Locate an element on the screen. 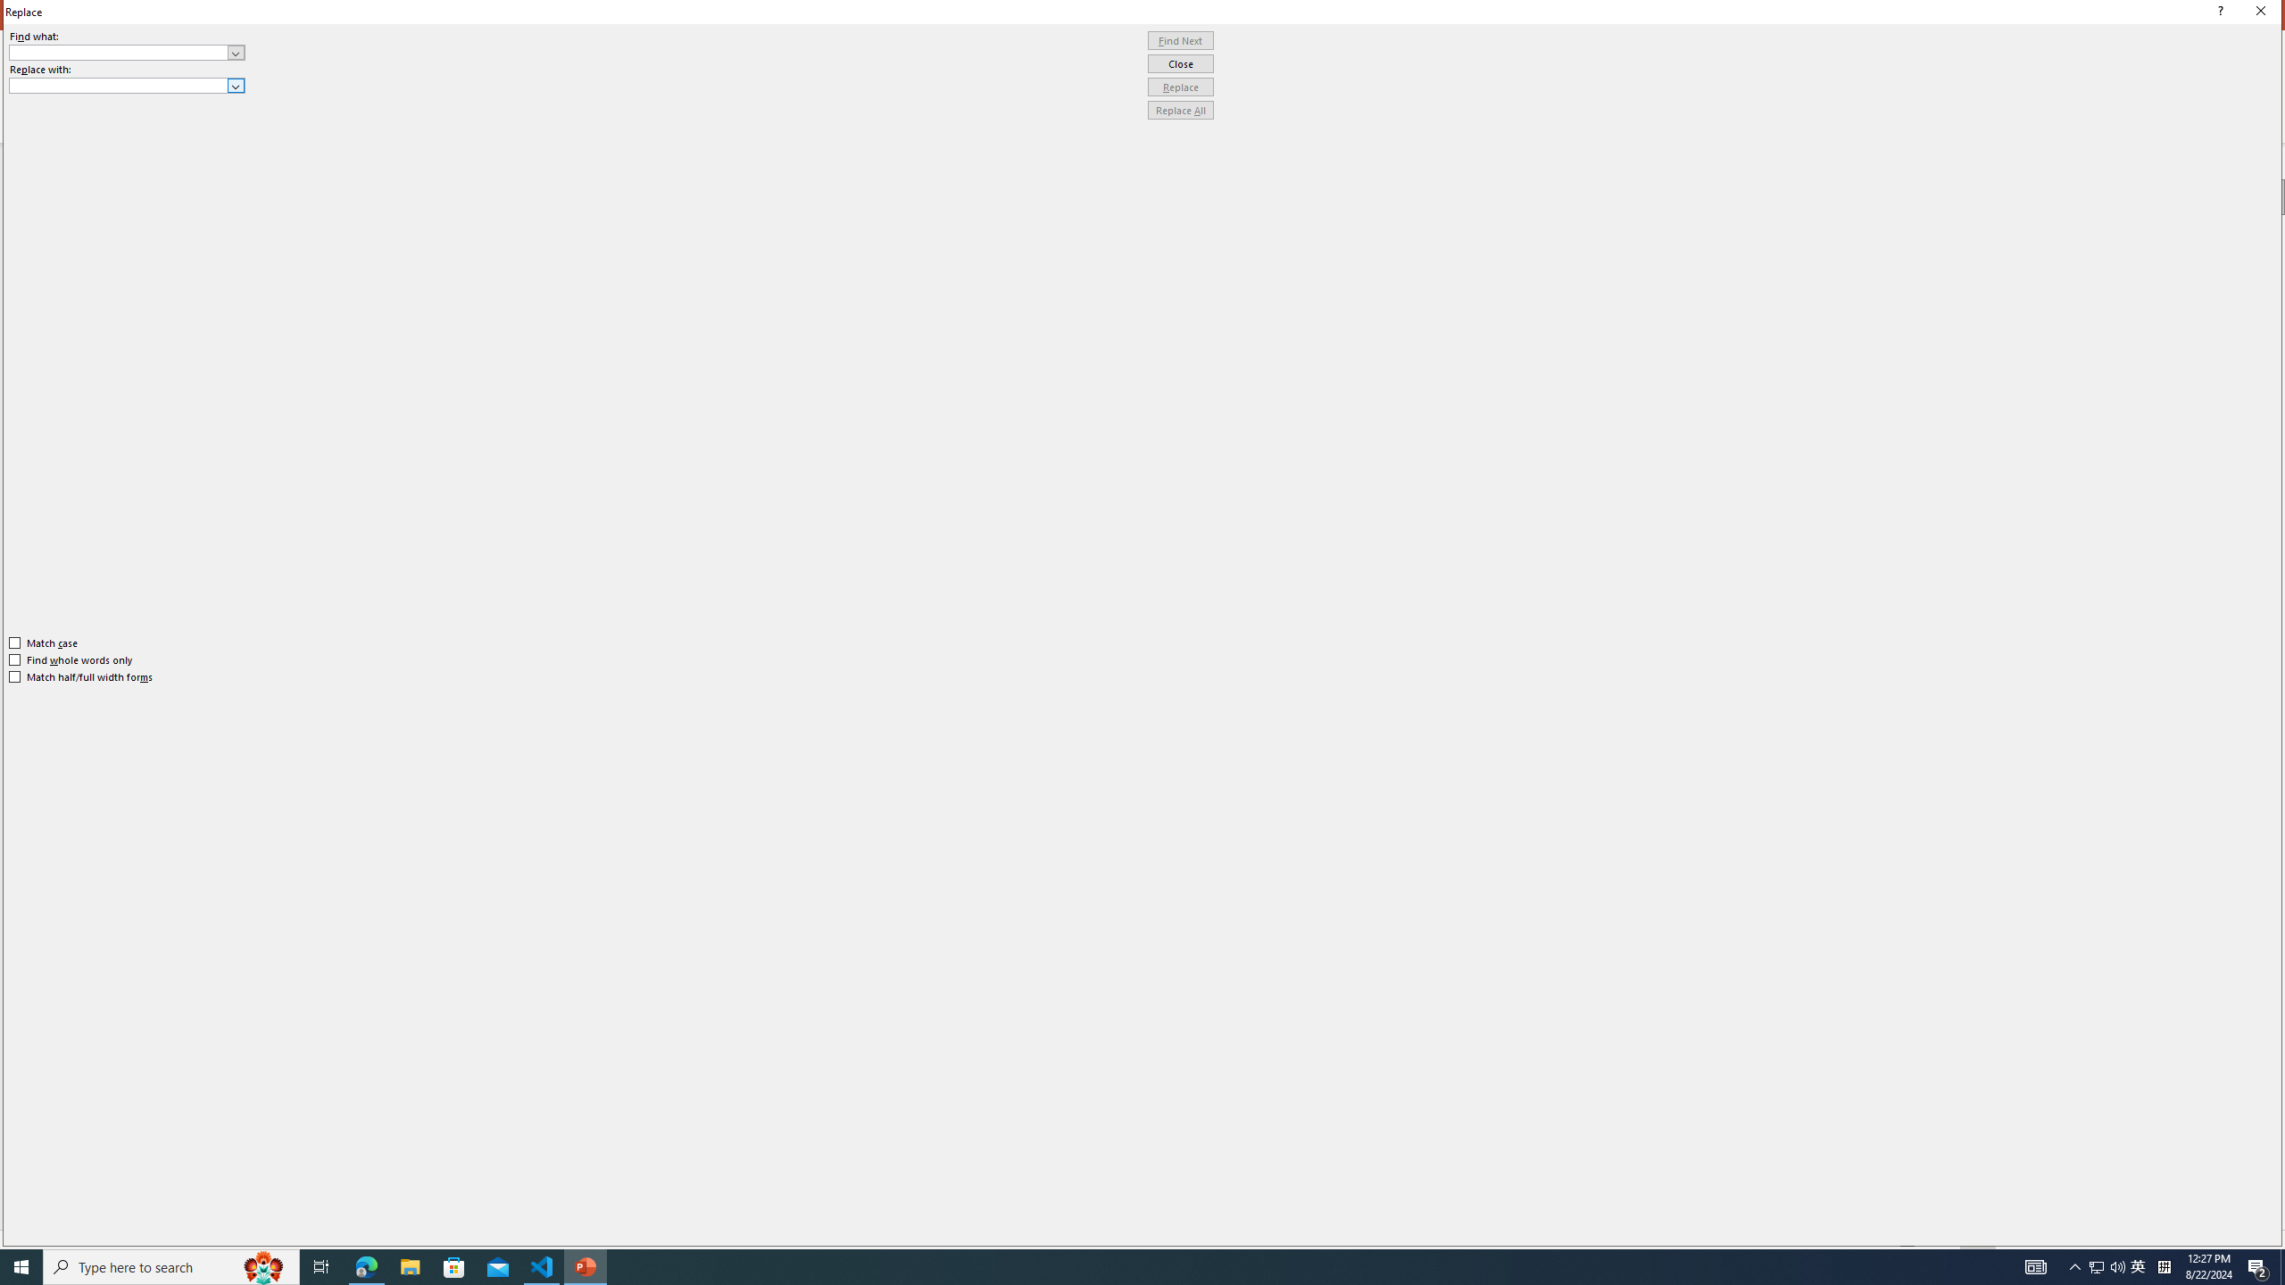 The image size is (2285, 1285). 'Find whole words only' is located at coordinates (71, 659).